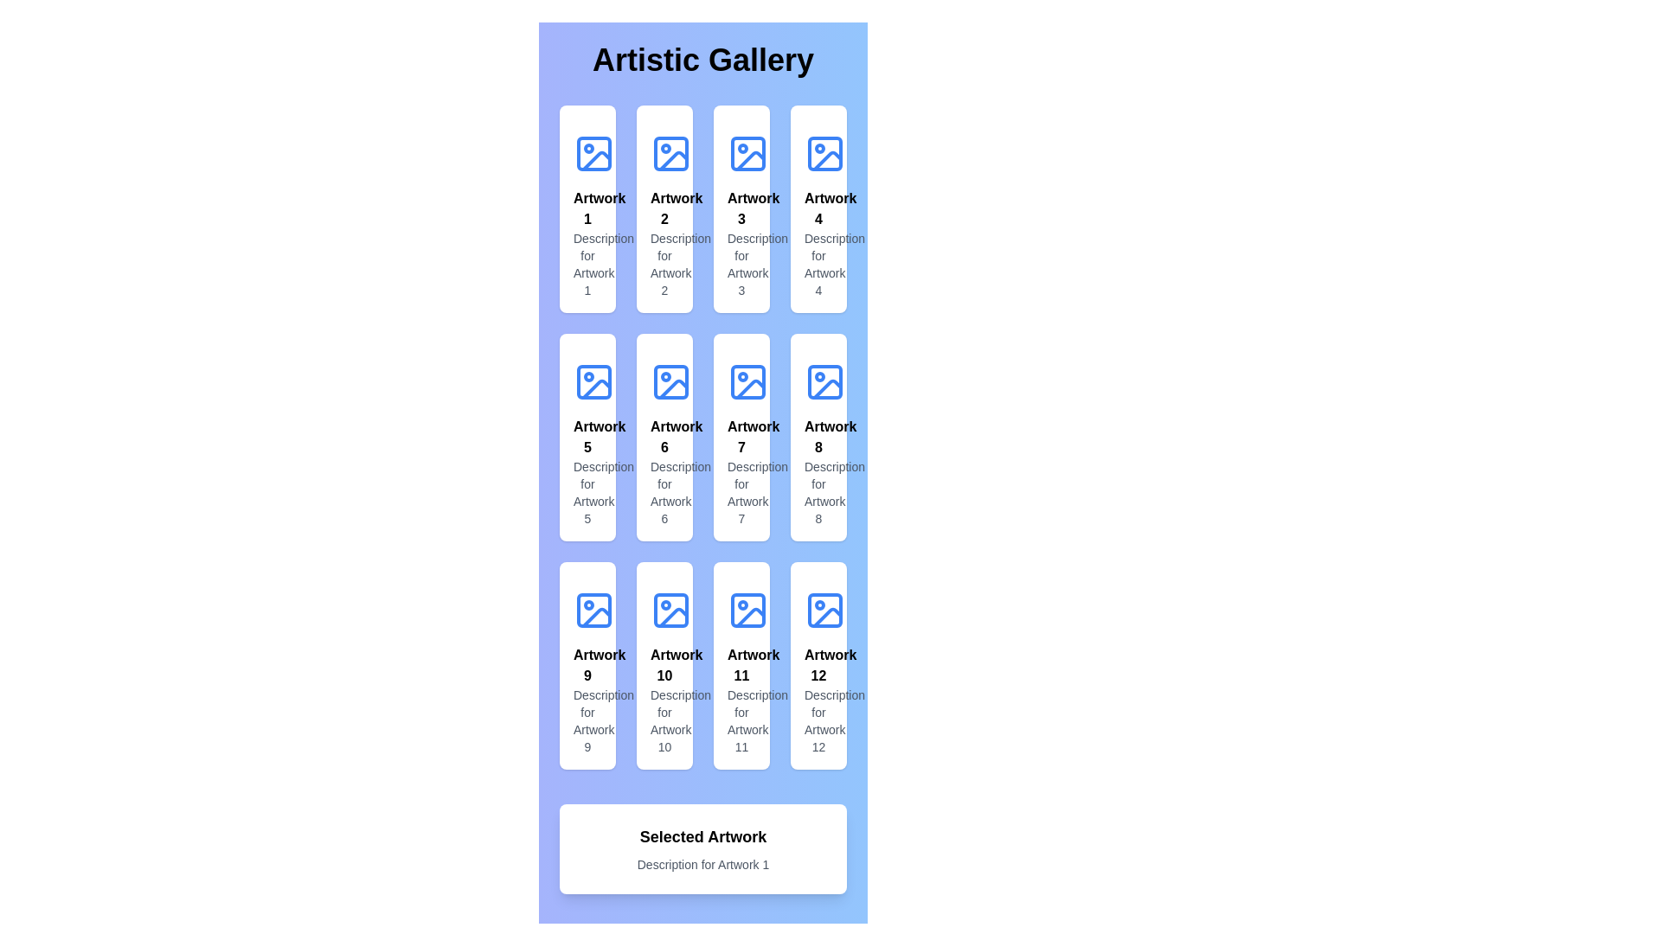 Image resolution: width=1661 pixels, height=934 pixels. Describe the element at coordinates (593, 152) in the screenshot. I see `the icon representing 'Artwork 1' located at the top-left corner of the grid by` at that location.